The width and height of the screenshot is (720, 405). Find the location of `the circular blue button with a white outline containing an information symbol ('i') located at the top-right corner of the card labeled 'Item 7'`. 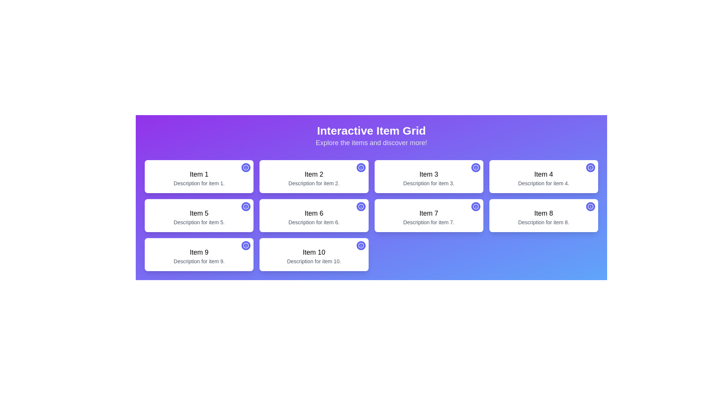

the circular blue button with a white outline containing an information symbol ('i') located at the top-right corner of the card labeled 'Item 7' is located at coordinates (475, 207).